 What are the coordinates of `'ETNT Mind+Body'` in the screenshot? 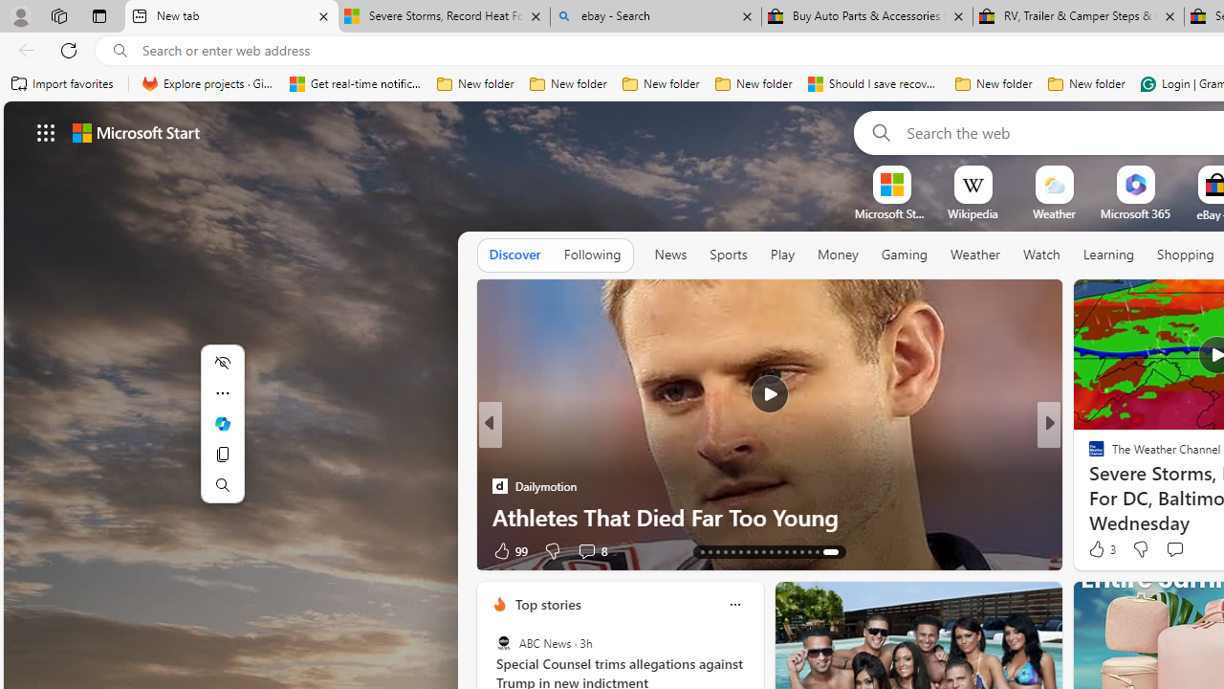 It's located at (1088, 455).